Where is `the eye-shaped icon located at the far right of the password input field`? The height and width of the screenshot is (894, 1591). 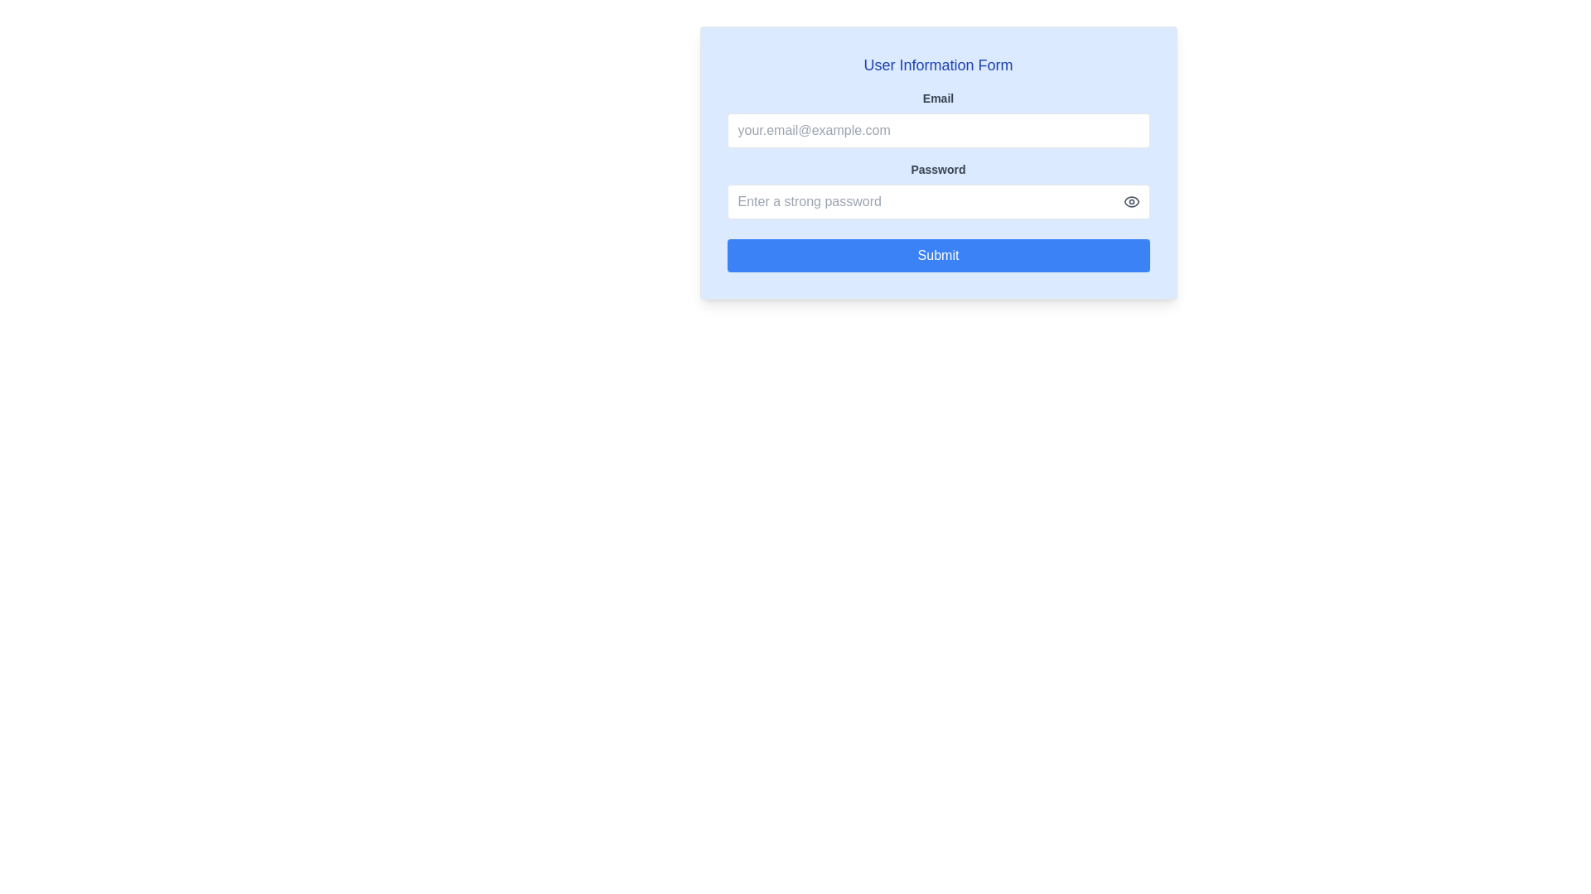 the eye-shaped icon located at the far right of the password input field is located at coordinates (1130, 200).